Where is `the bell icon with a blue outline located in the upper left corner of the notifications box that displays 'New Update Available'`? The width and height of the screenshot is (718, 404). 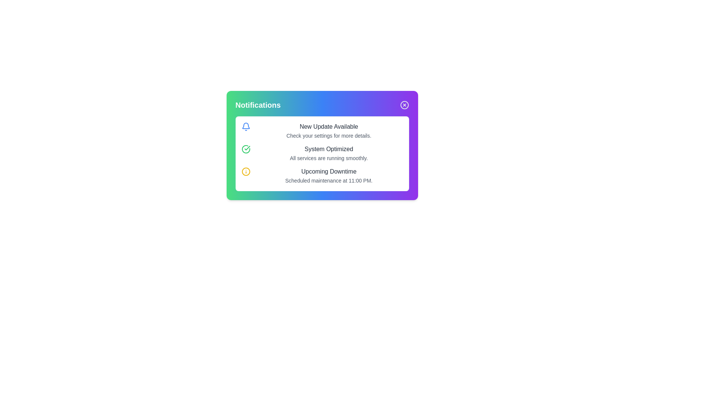 the bell icon with a blue outline located in the upper left corner of the notifications box that displays 'New Update Available' is located at coordinates (246, 126).